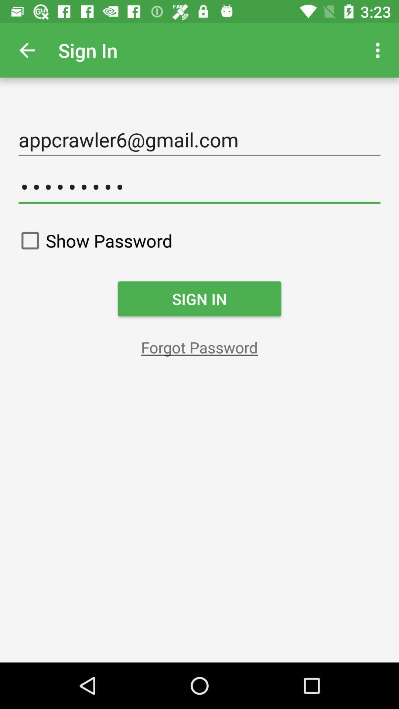 The width and height of the screenshot is (399, 709). Describe the element at coordinates (199, 140) in the screenshot. I see `appcrawler6@gmail.com icon` at that location.